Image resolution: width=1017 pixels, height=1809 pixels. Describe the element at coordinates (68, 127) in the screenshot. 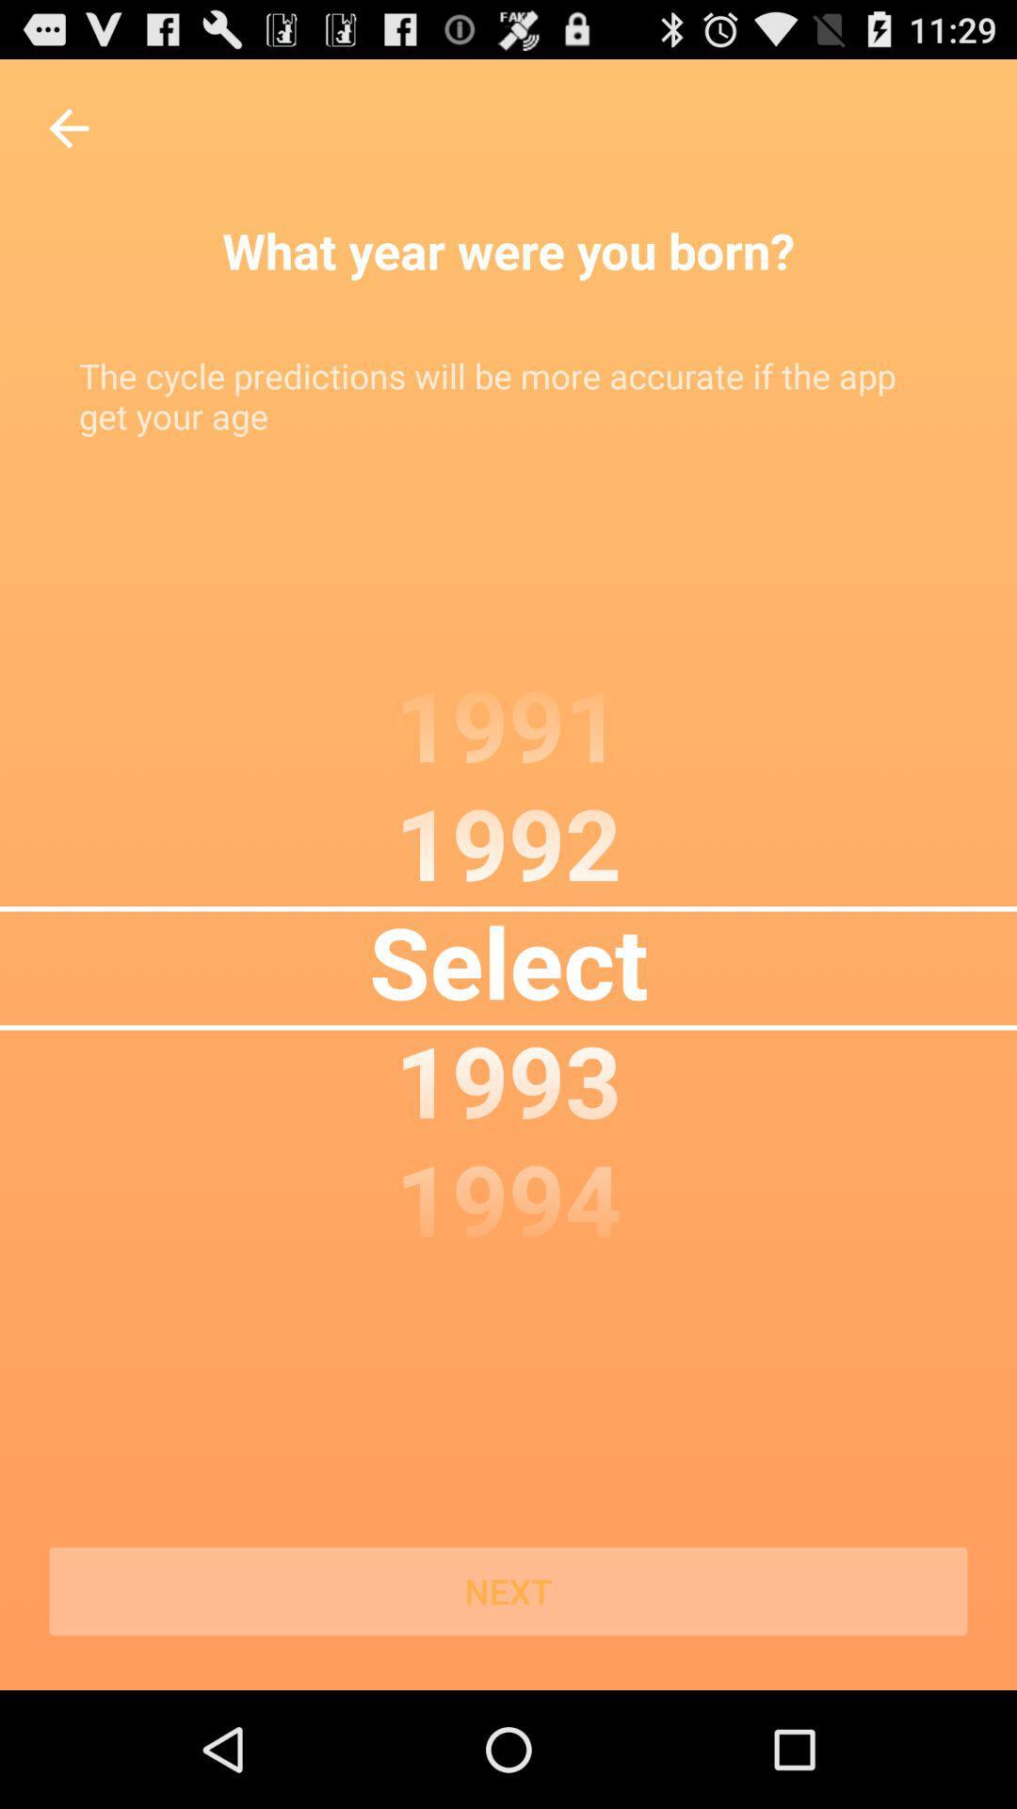

I see `back` at that location.